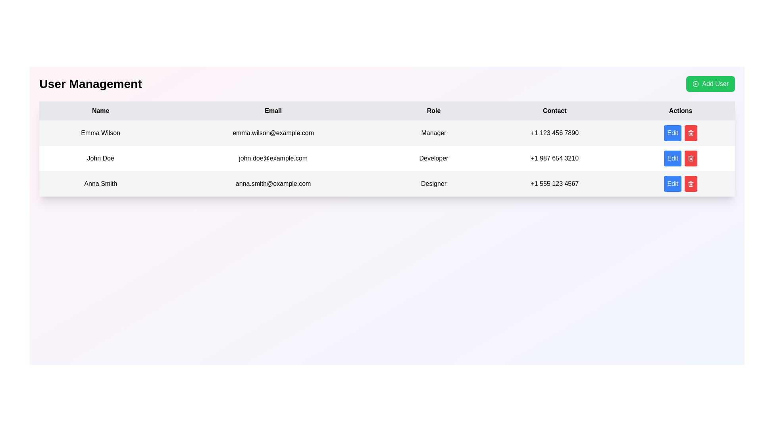 This screenshot has height=428, width=762. What do you see at coordinates (100, 183) in the screenshot?
I see `the text display element showing 'Anna Smith' in bold black font located in the Name column of the last row of the user management interface` at bounding box center [100, 183].